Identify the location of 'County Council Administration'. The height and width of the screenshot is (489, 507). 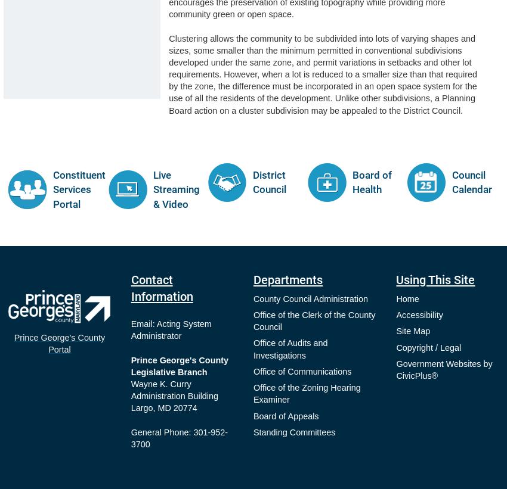
(252, 297).